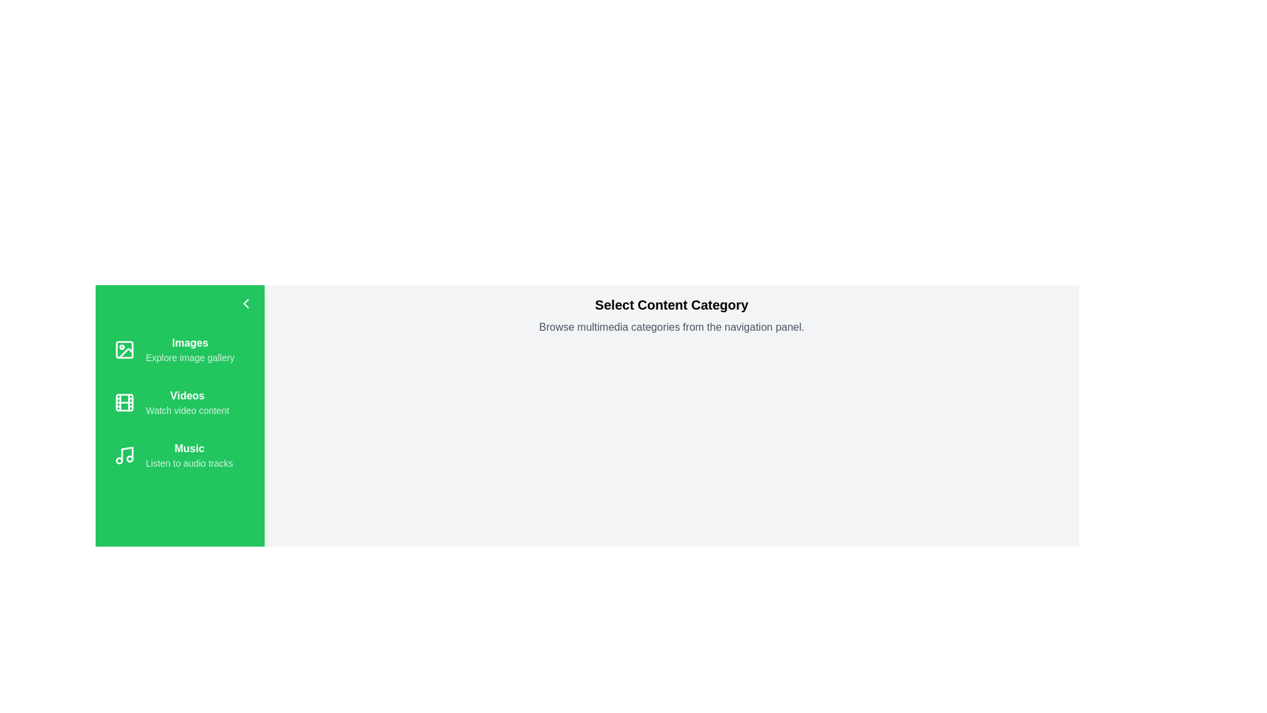 Image resolution: width=1267 pixels, height=713 pixels. Describe the element at coordinates (124, 349) in the screenshot. I see `the icon for Images in the navigation drawer` at that location.